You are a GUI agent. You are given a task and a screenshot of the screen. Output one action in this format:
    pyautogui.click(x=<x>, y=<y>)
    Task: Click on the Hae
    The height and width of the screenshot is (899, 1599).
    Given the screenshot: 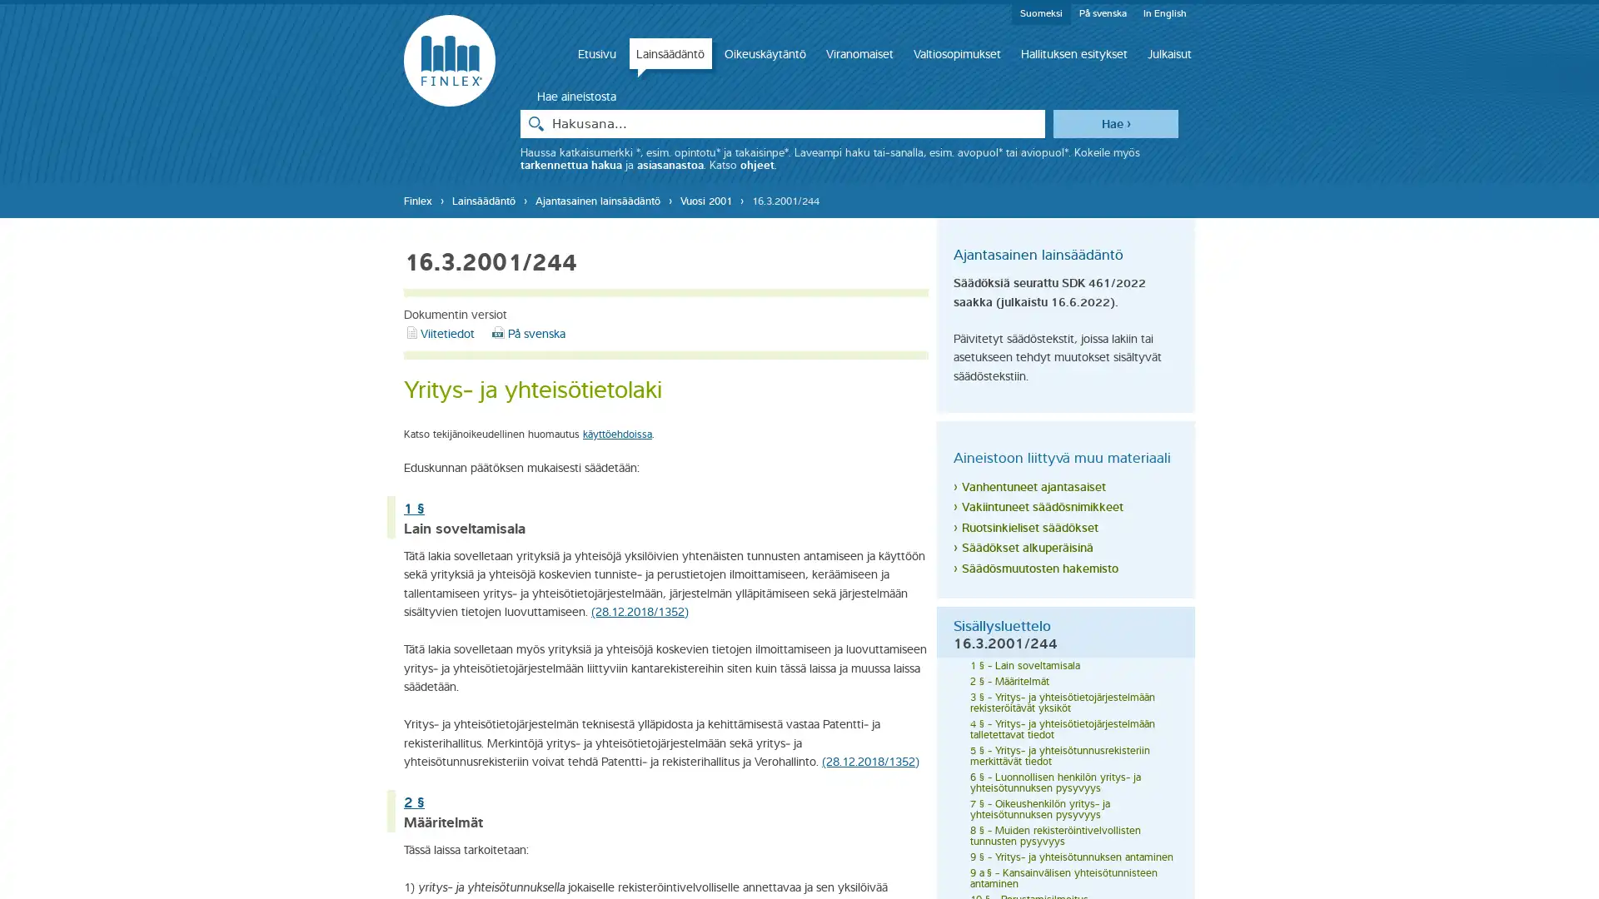 What is the action you would take?
    pyautogui.click(x=1115, y=122)
    